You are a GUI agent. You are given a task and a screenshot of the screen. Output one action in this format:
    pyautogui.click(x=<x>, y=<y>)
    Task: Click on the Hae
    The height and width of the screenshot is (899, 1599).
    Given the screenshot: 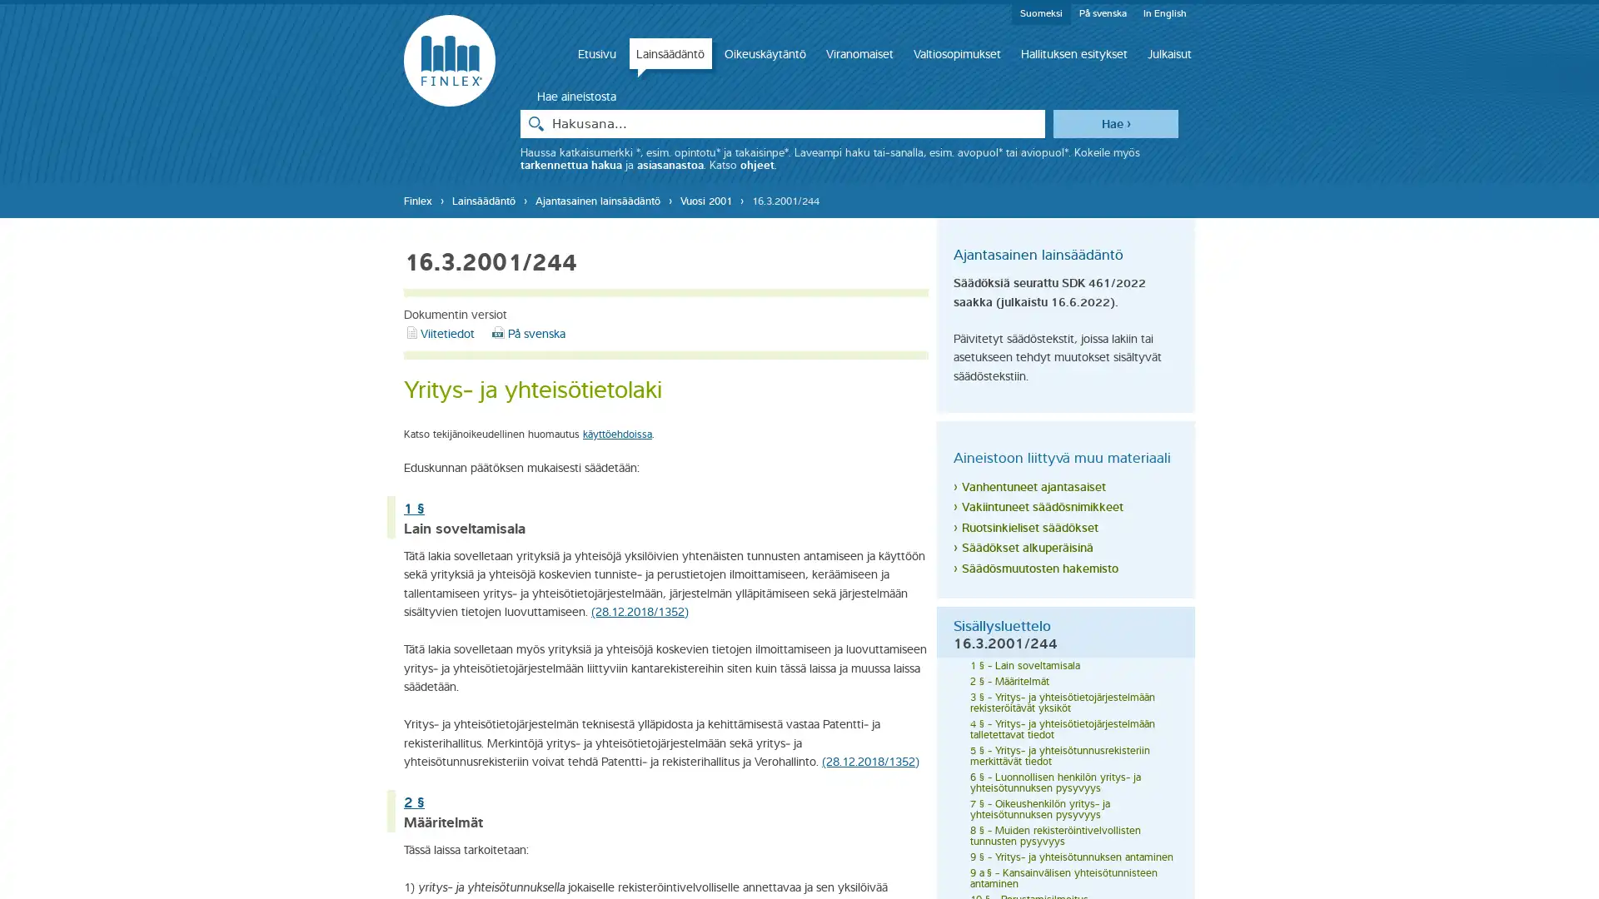 What is the action you would take?
    pyautogui.click(x=1115, y=122)
    